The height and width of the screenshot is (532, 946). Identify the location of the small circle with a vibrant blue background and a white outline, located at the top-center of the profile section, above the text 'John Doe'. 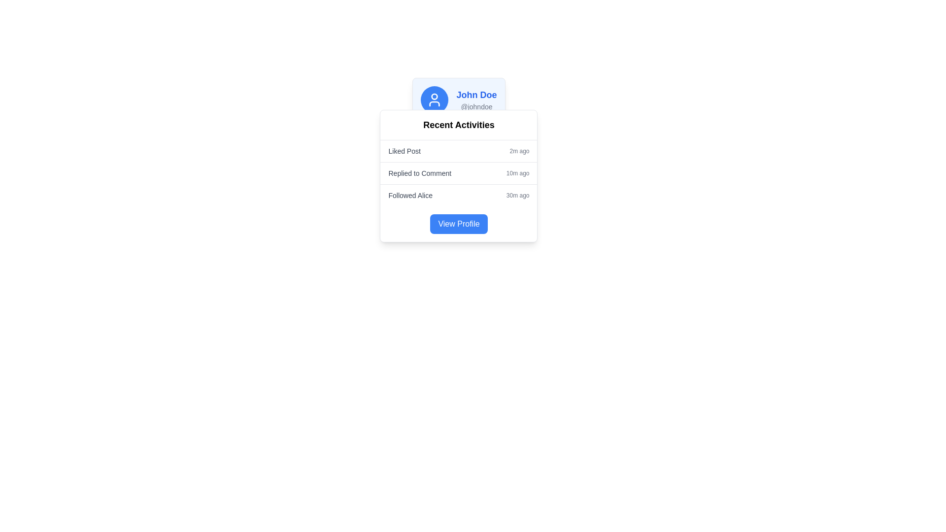
(434, 97).